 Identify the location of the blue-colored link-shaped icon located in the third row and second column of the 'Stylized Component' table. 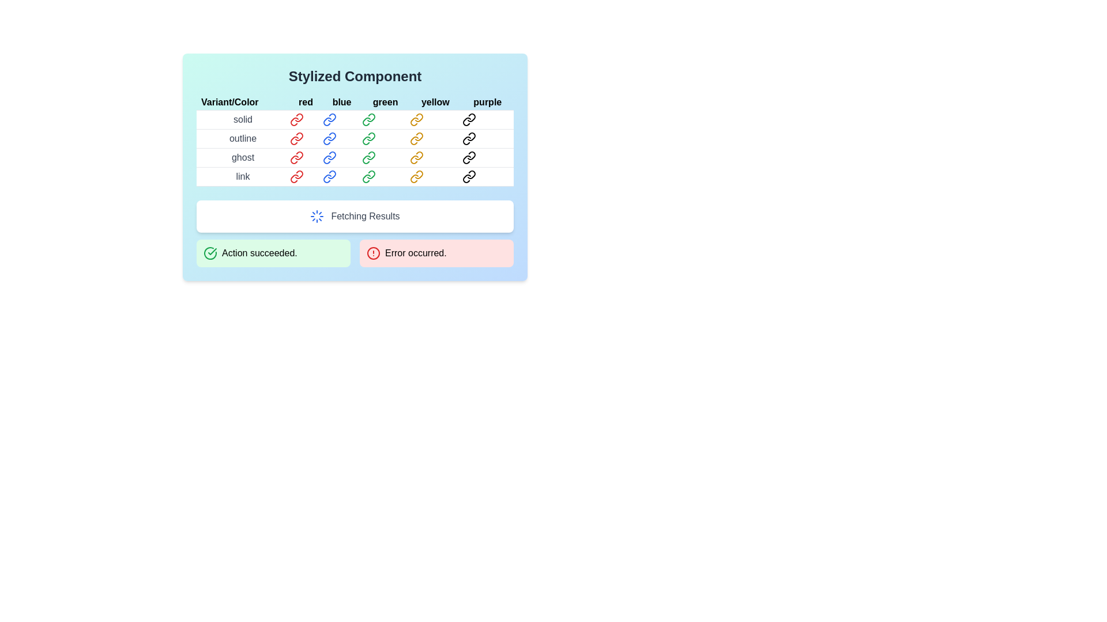
(329, 157).